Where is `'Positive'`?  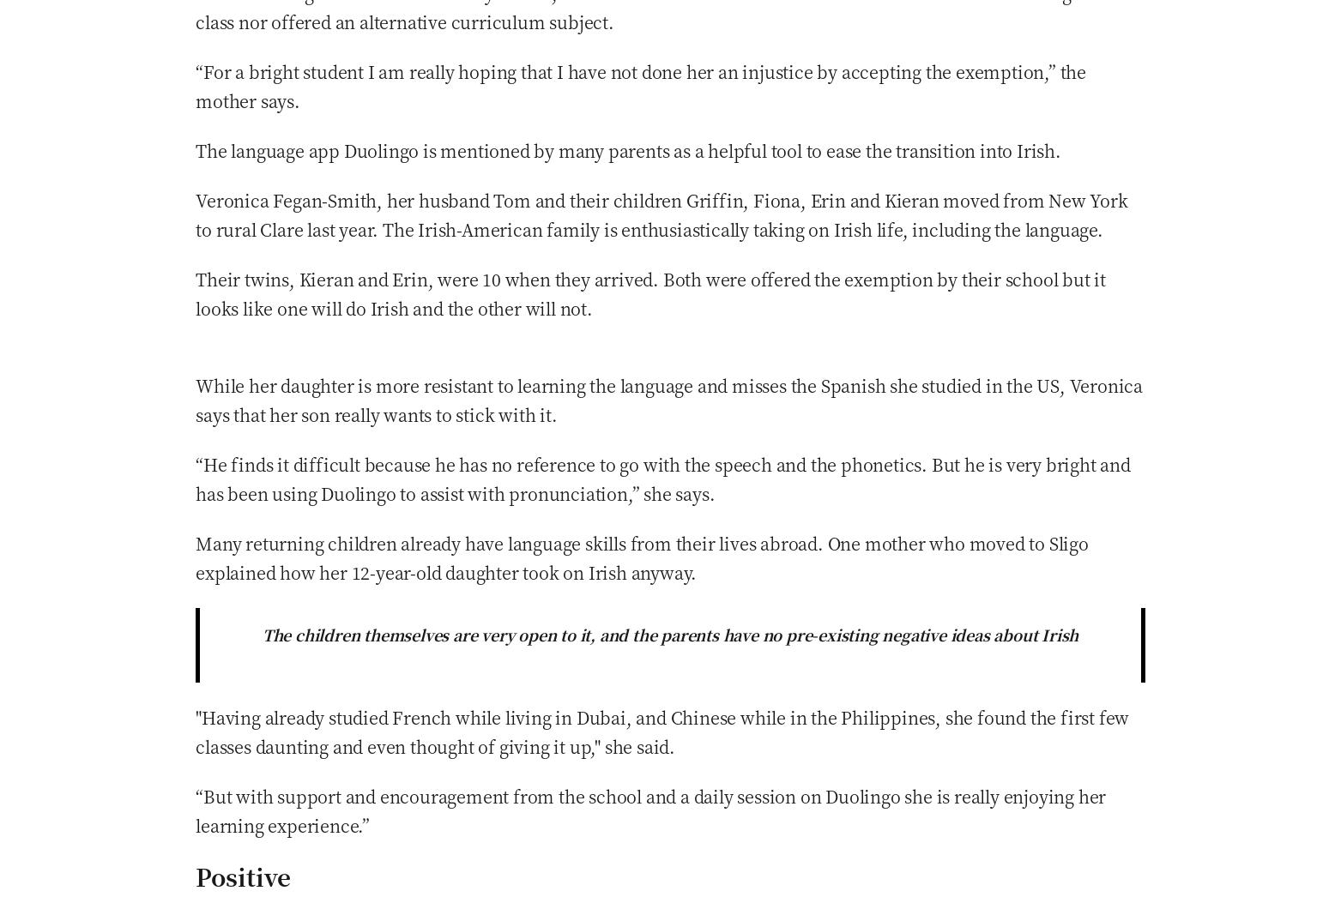 'Positive' is located at coordinates (242, 874).